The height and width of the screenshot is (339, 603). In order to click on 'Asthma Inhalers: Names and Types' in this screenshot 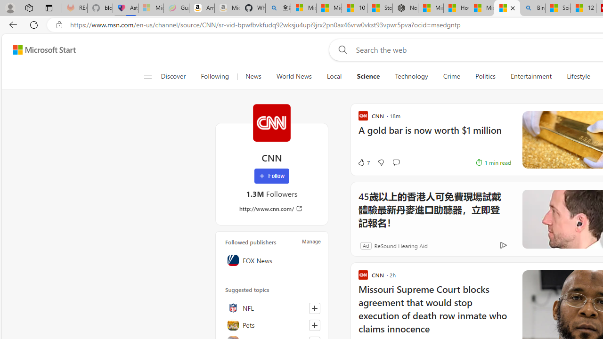, I will do `click(125, 8)`.